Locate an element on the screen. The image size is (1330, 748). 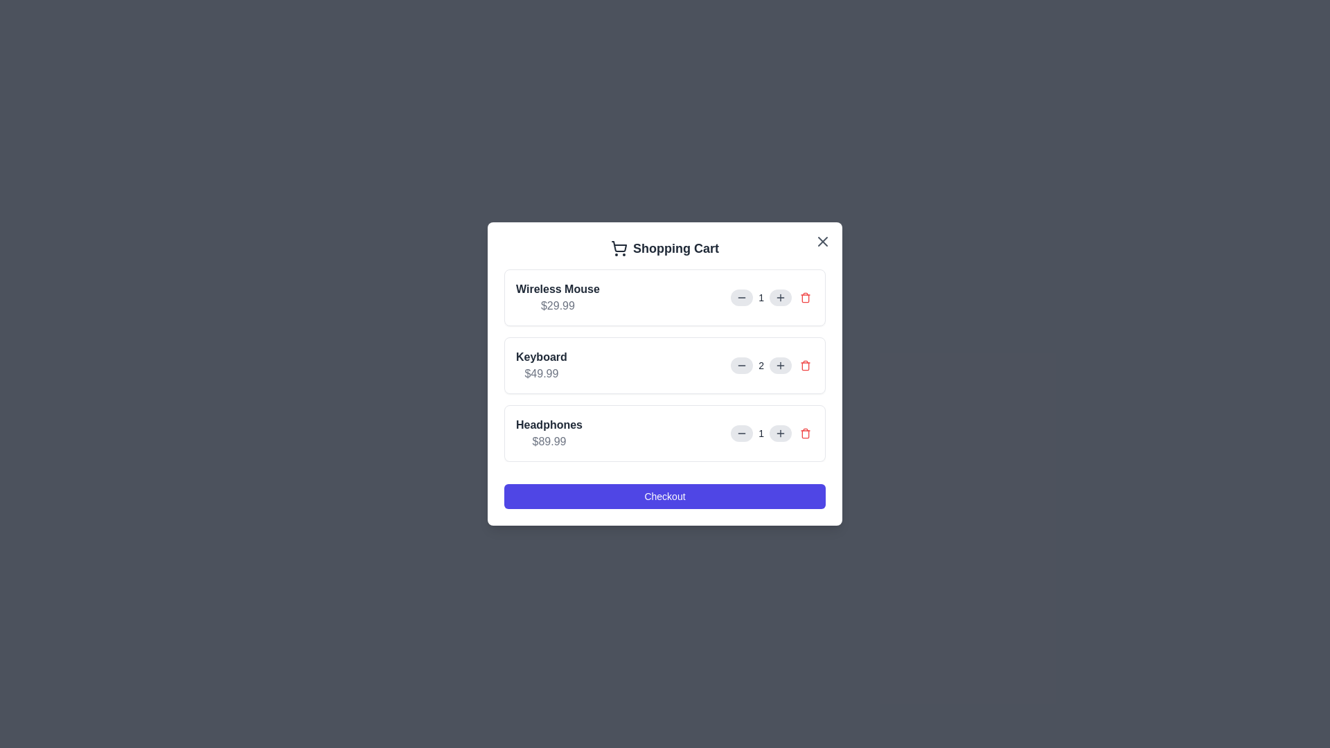
the Icon Button for the 'Wireless Mouse' in the shopping cart is located at coordinates (805, 296).